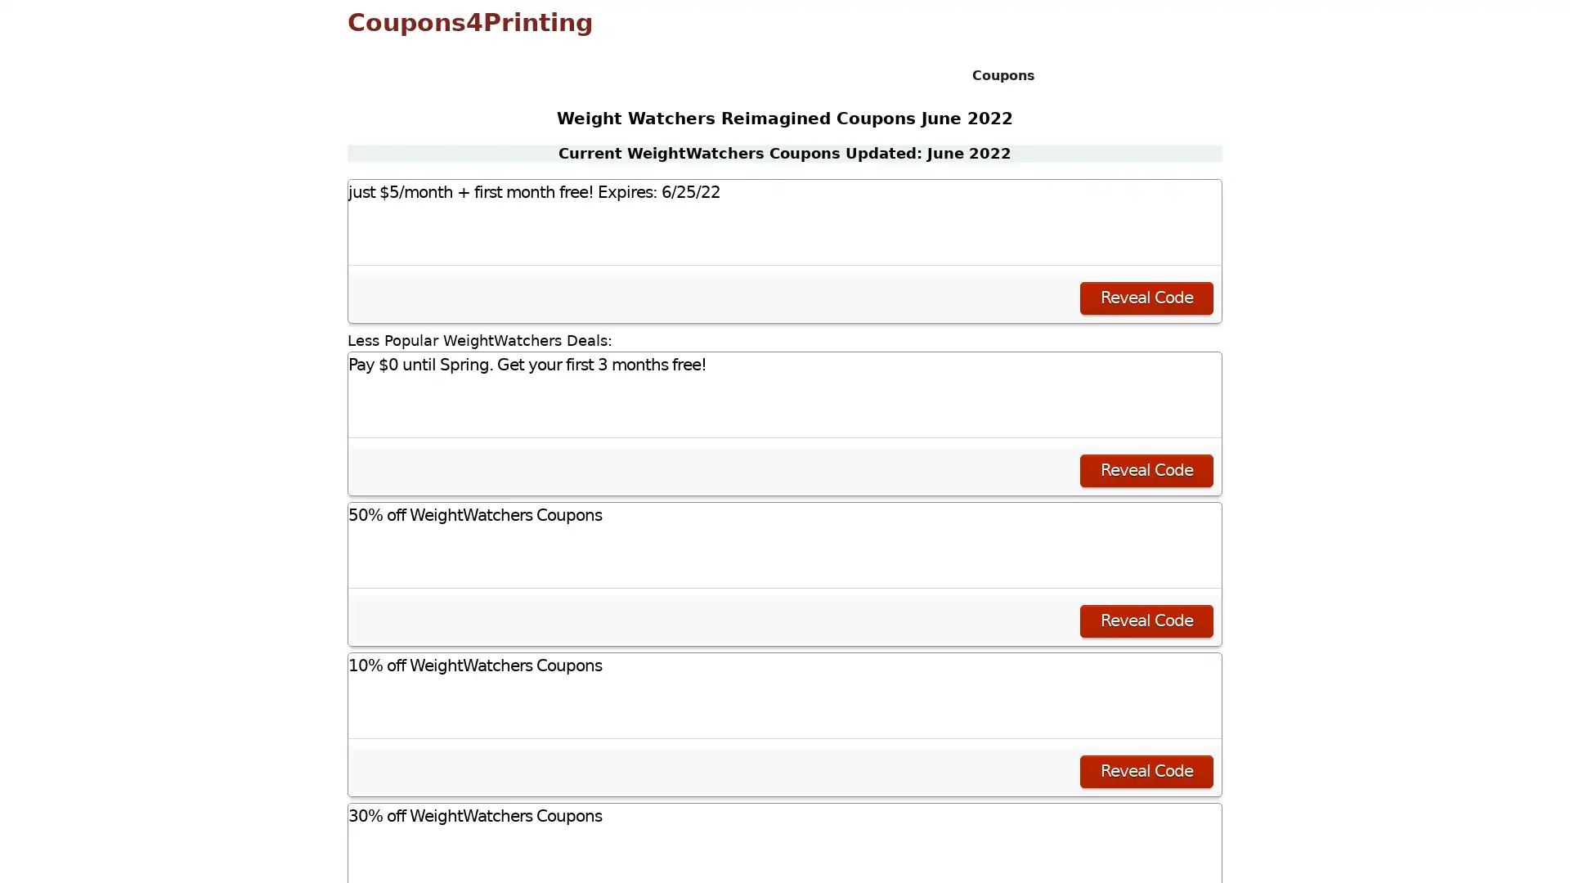 The width and height of the screenshot is (1570, 883). What do you see at coordinates (1146, 770) in the screenshot?
I see `Reveal Code` at bounding box center [1146, 770].